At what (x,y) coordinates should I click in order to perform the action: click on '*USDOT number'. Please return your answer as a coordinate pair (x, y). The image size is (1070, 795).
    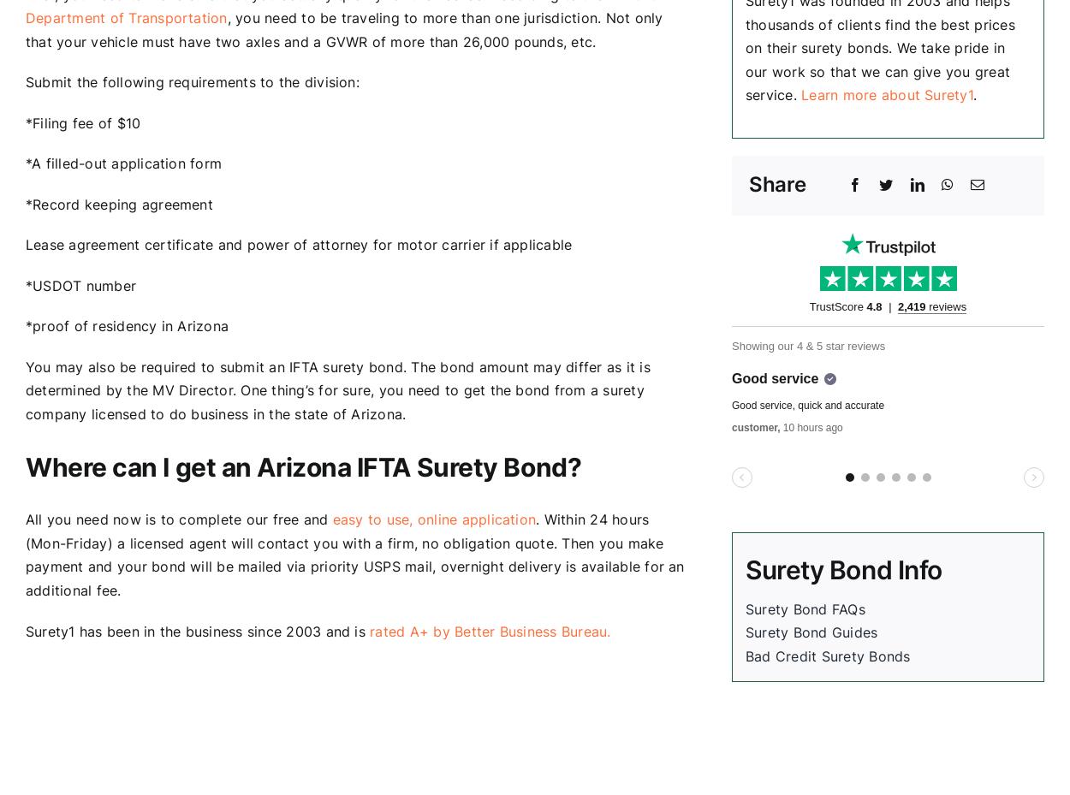
    Looking at the image, I should click on (80, 284).